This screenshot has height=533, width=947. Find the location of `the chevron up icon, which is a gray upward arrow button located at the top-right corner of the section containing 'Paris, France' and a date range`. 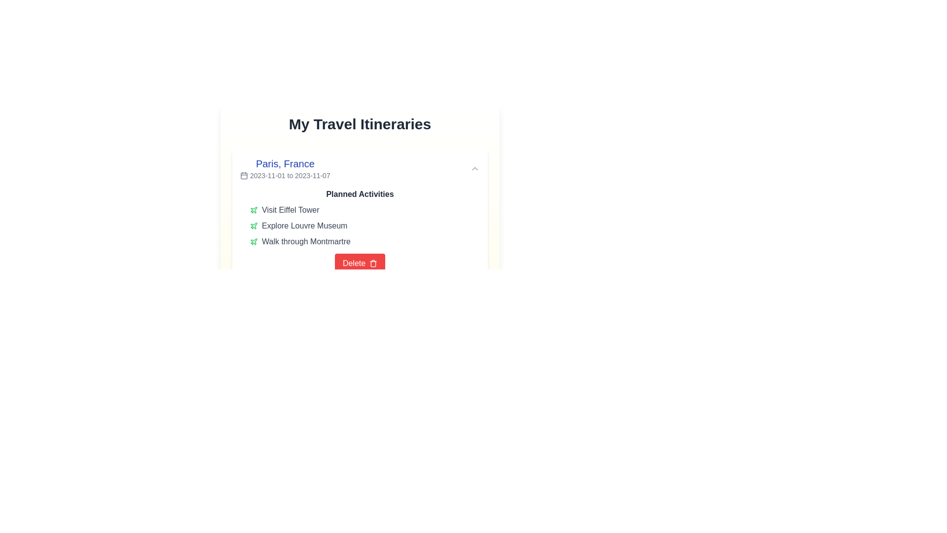

the chevron up icon, which is a gray upward arrow button located at the top-right corner of the section containing 'Paris, France' and a date range is located at coordinates (475, 168).